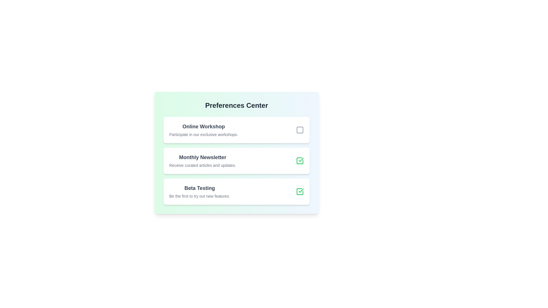 This screenshot has height=308, width=548. I want to click on the descriptive static text element located below the 'Online Workshop' header, which provides additional details about the topic, so click(204, 134).